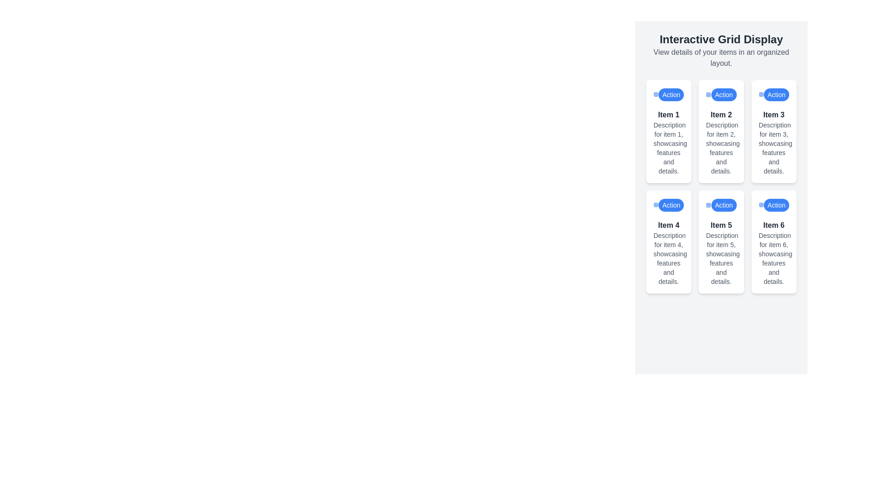 The width and height of the screenshot is (883, 497). I want to click on text label 'Item 6' which is bolded and styled, located at the top of the rightmost card in a three-column grid layout, so click(773, 225).